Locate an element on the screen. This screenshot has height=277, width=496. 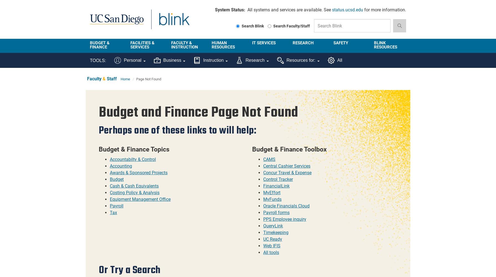
'All' is located at coordinates (339, 60).